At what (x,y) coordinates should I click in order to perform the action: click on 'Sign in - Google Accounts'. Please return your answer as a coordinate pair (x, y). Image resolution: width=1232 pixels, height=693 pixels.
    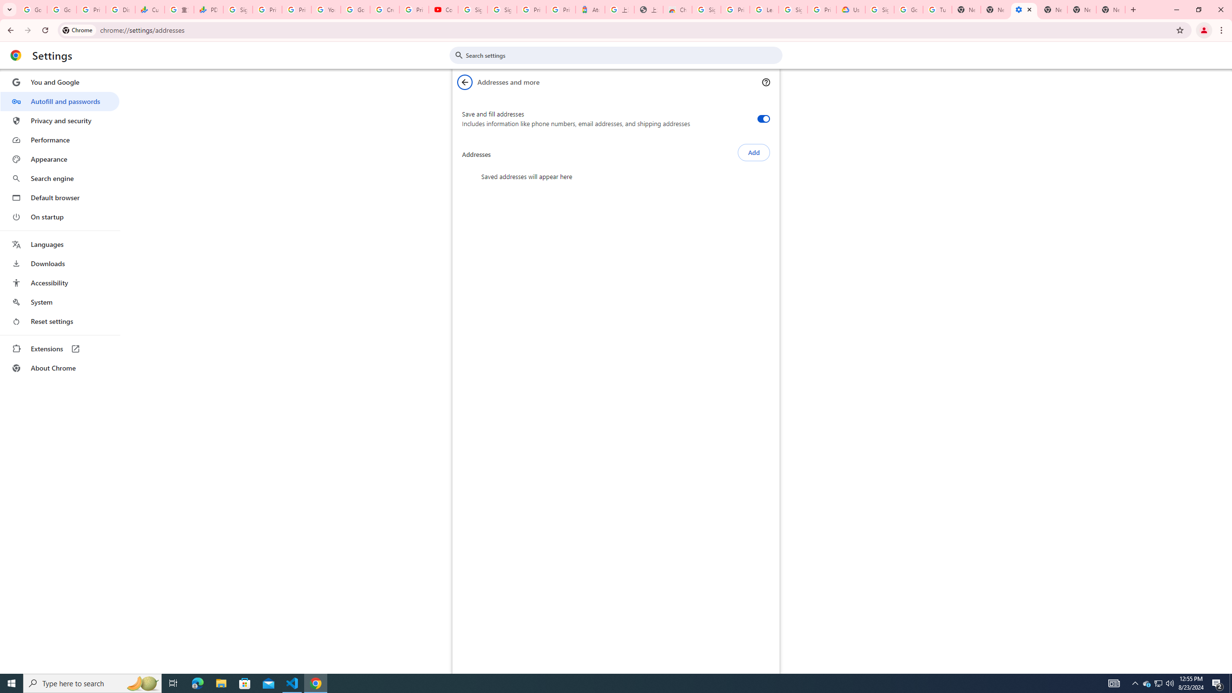
    Looking at the image, I should click on (502, 9).